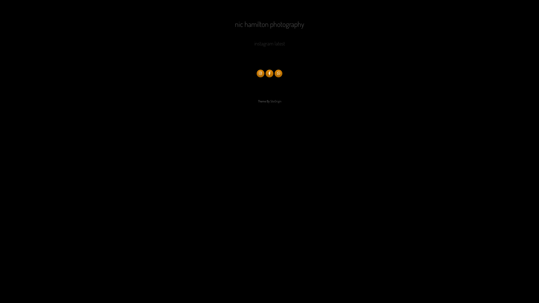  Describe the element at coordinates (278, 73) in the screenshot. I see `'nic hamilton photography on Whatsapp'` at that location.